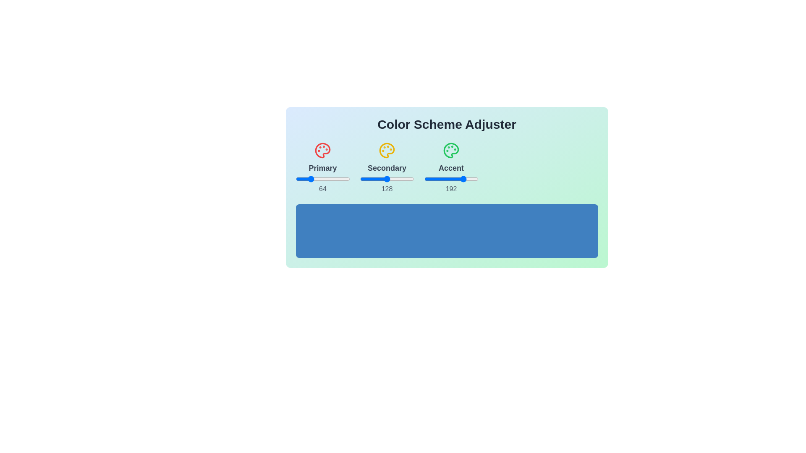  What do you see at coordinates (338, 179) in the screenshot?
I see `the 0 slider to 72` at bounding box center [338, 179].